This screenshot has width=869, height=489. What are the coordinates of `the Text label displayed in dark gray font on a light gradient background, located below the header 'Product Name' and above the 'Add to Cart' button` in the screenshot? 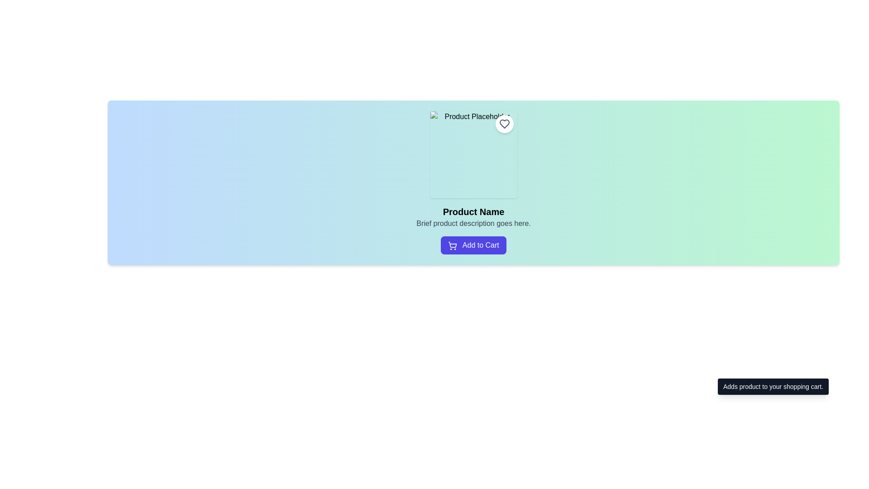 It's located at (473, 223).